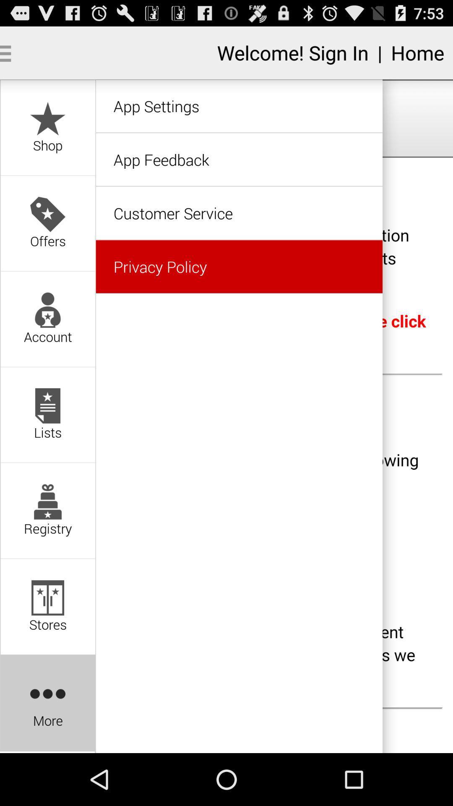 The width and height of the screenshot is (453, 806). What do you see at coordinates (48, 127) in the screenshot?
I see `option above offers` at bounding box center [48, 127].